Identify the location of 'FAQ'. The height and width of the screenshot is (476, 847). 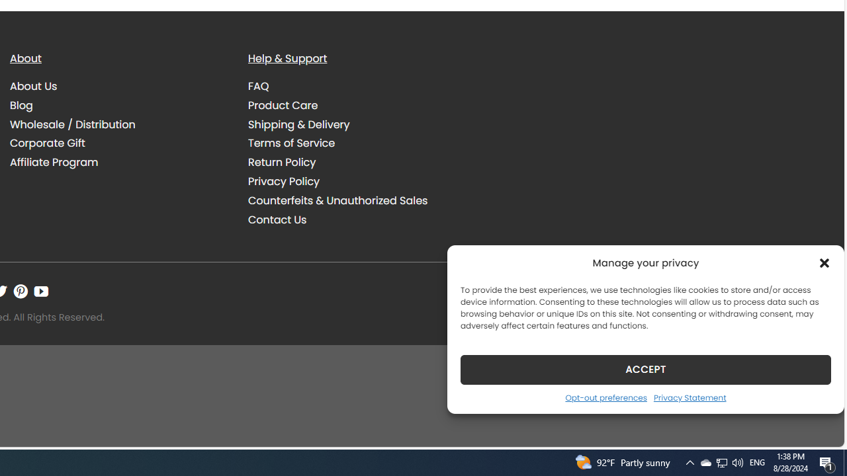
(259, 87).